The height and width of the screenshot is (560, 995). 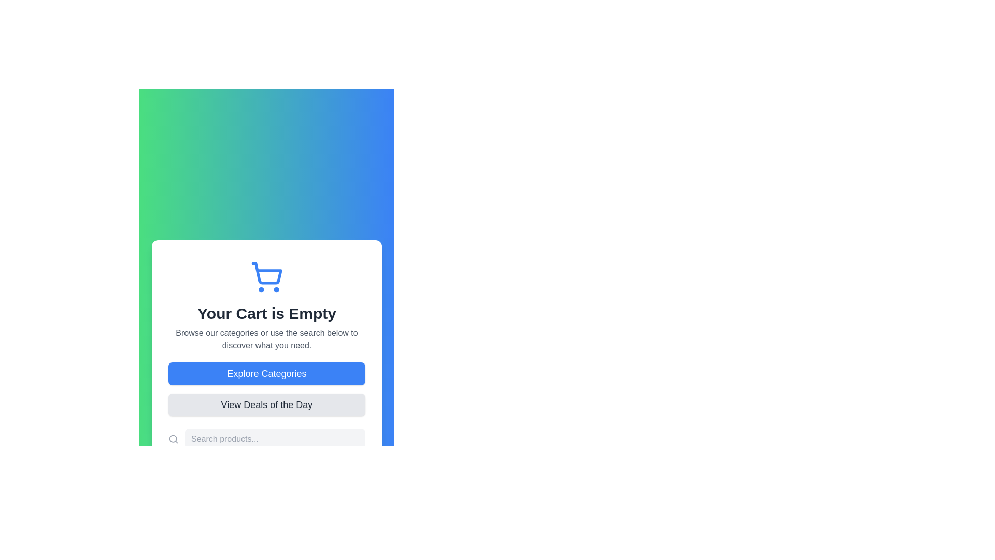 What do you see at coordinates (266, 374) in the screenshot?
I see `the first button above the 'View Deals of the Day' button` at bounding box center [266, 374].